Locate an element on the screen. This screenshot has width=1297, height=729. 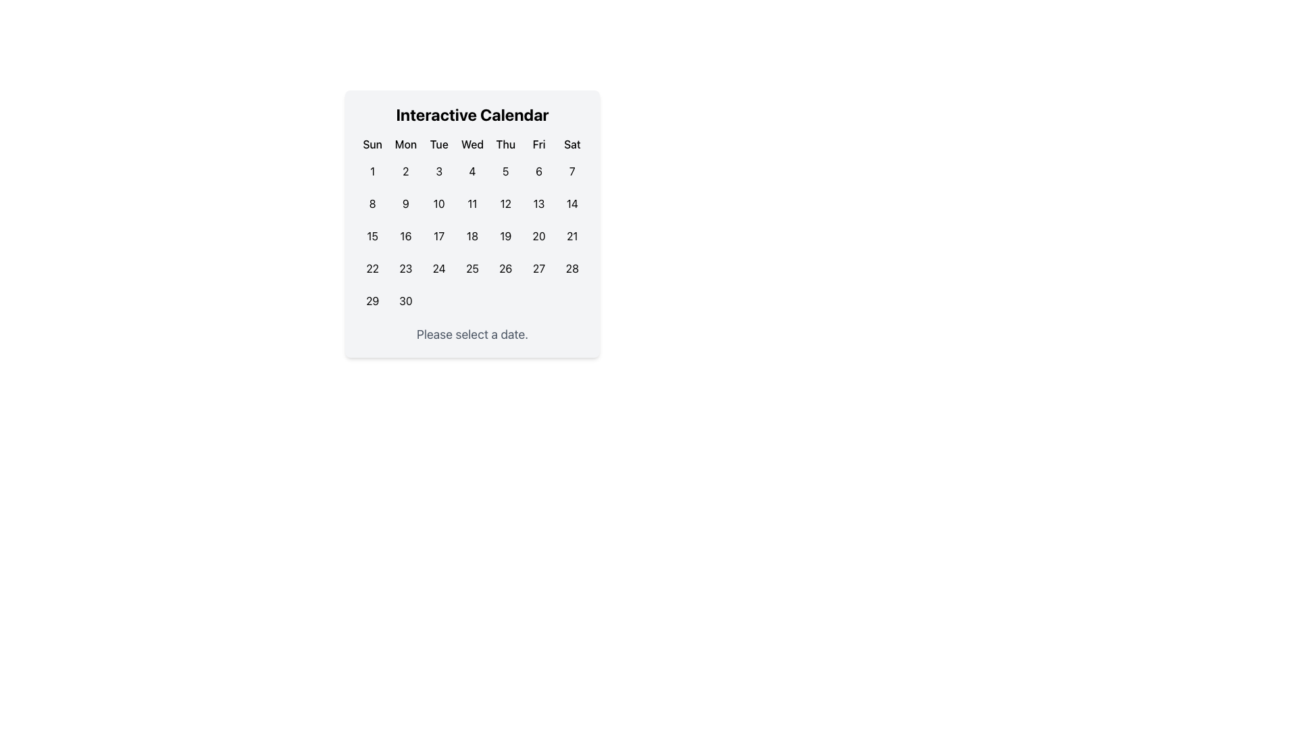
the button representing the date 15th in the calendar, located in the third row and first column beneath the 'Sun' header is located at coordinates (372, 236).